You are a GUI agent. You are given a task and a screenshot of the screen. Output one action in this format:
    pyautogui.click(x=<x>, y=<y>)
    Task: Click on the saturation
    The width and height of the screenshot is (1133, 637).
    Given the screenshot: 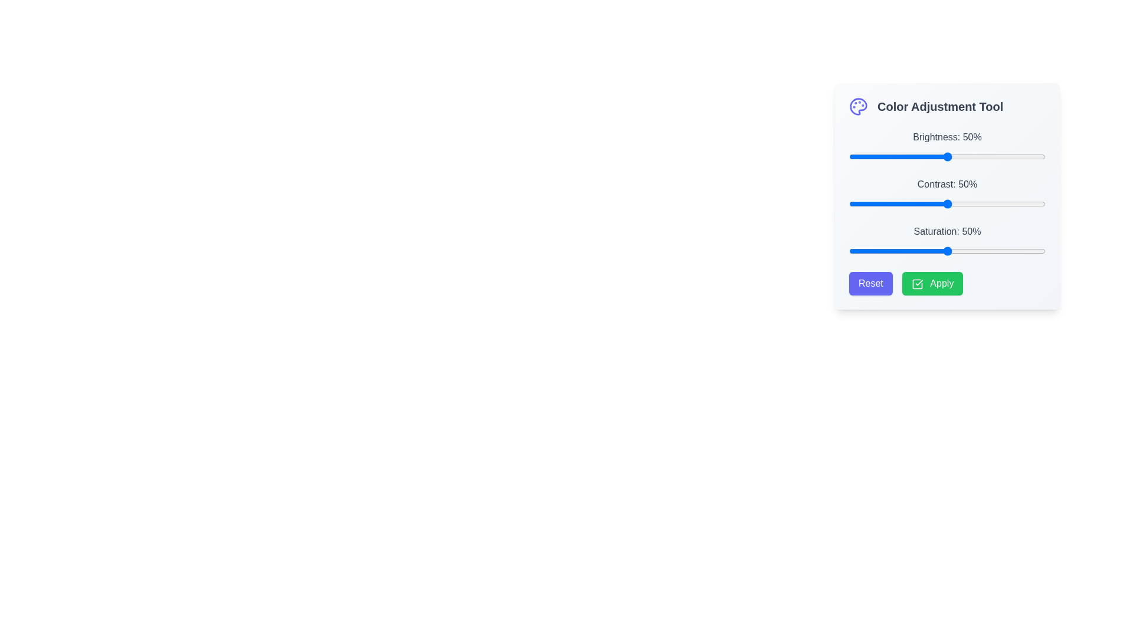 What is the action you would take?
    pyautogui.click(x=903, y=250)
    